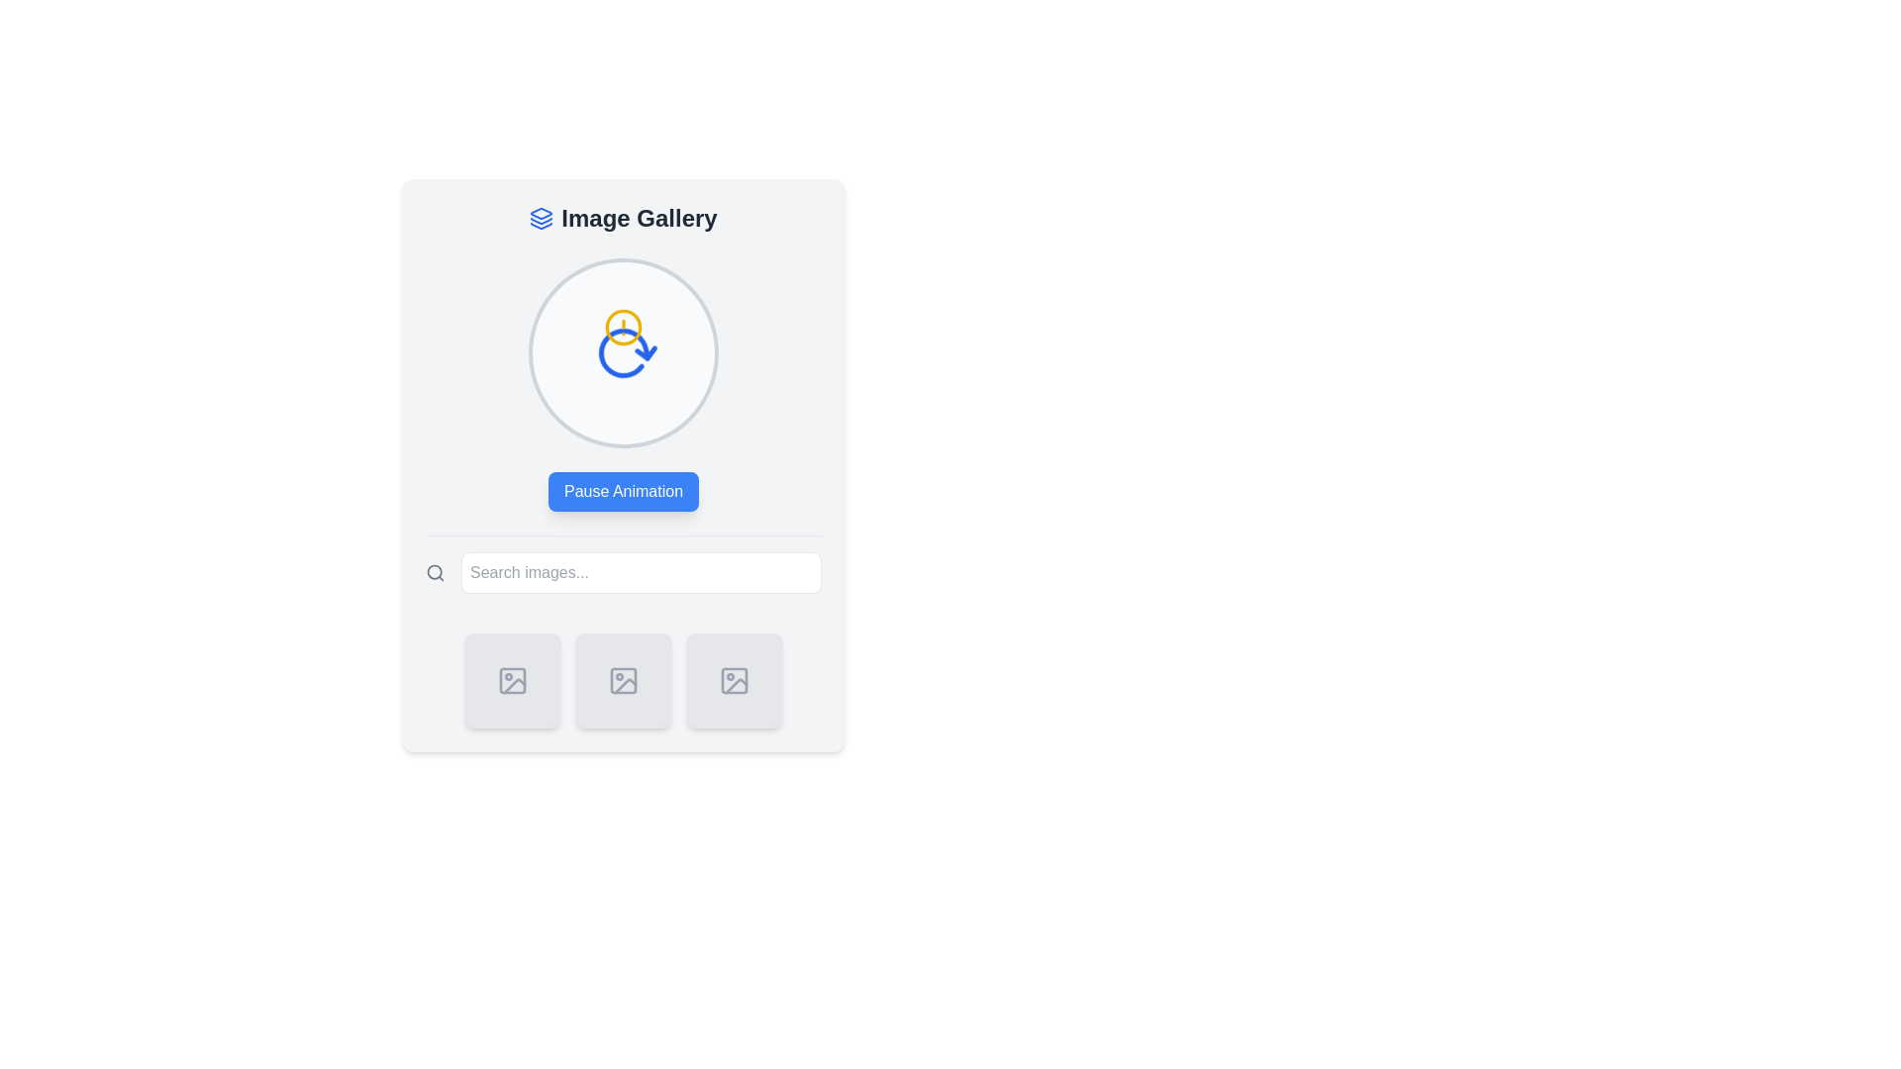  Describe the element at coordinates (513, 679) in the screenshot. I see `the leftmost icon resembling a simplistic image frame with a small circle` at that location.